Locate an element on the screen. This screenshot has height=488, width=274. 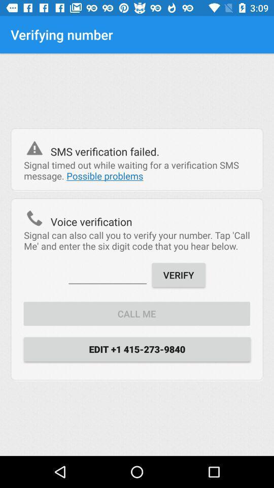
icon above the call me icon is located at coordinates (107, 273).